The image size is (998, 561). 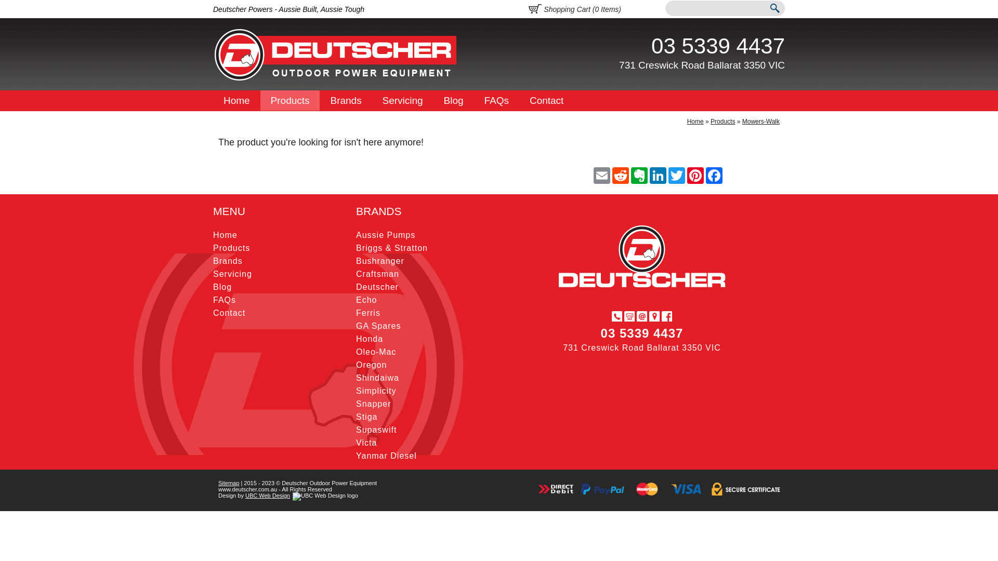 What do you see at coordinates (676, 175) in the screenshot?
I see `'Twitter'` at bounding box center [676, 175].